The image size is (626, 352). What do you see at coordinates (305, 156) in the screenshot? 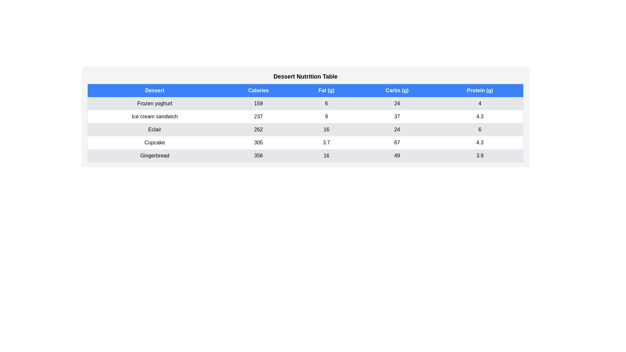
I see `the row corresponding to Gingerbread` at bounding box center [305, 156].